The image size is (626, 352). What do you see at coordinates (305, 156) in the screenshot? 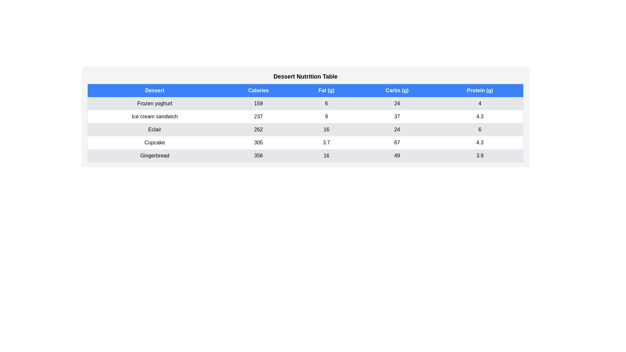
I see `the row corresponding to Gingerbread` at bounding box center [305, 156].